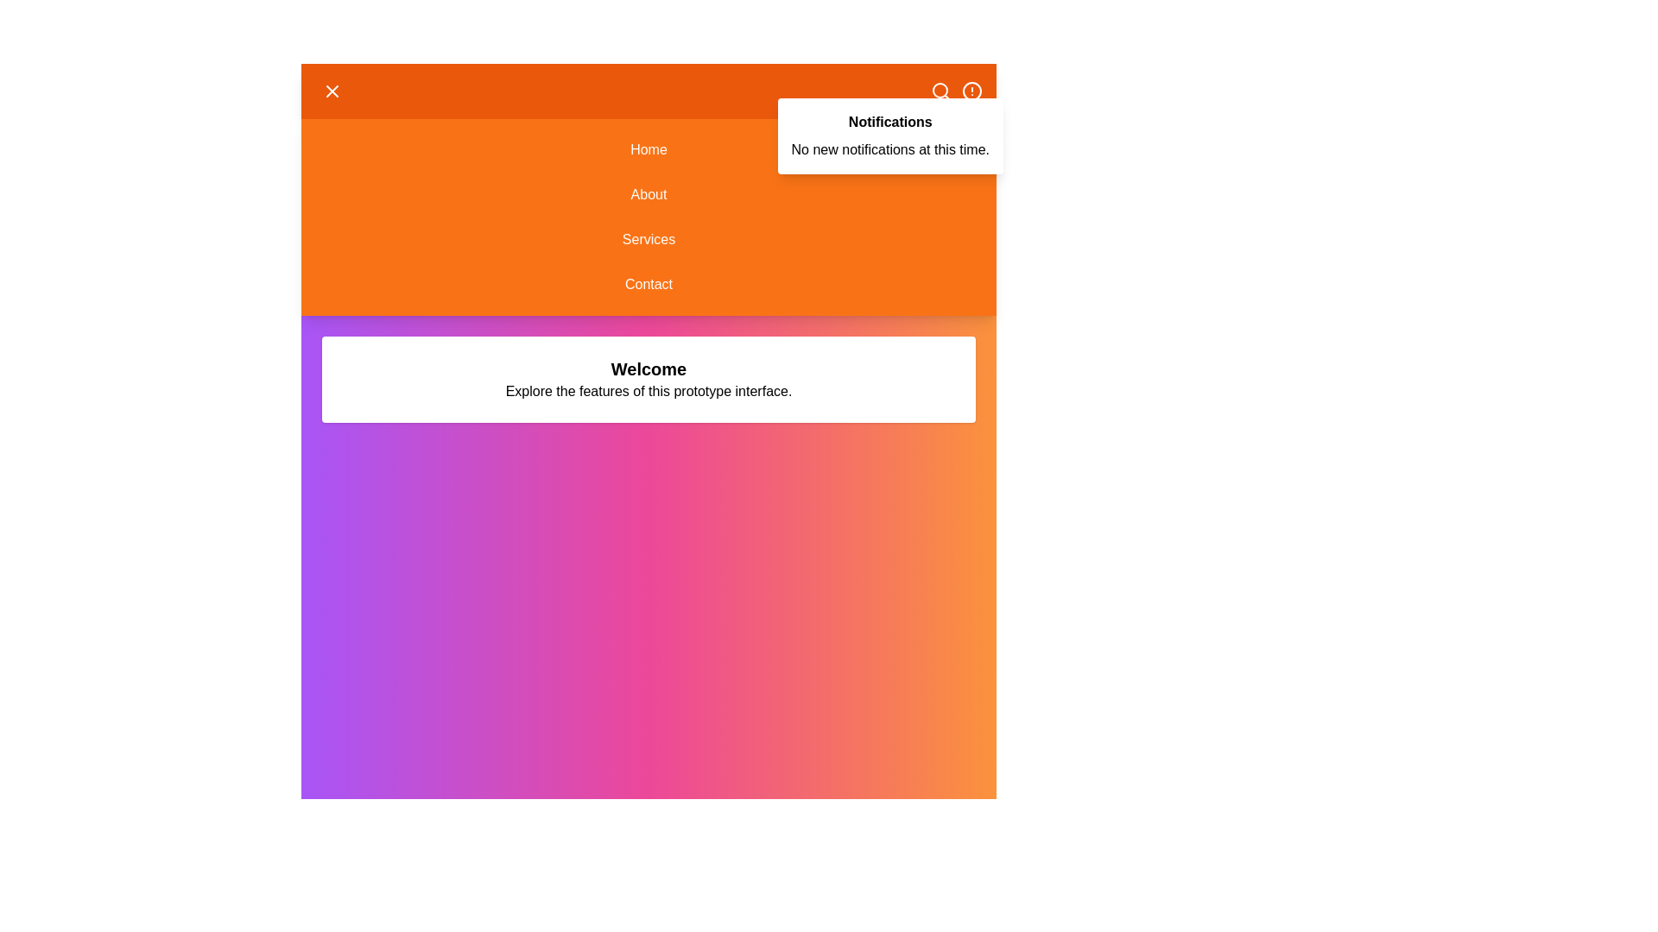 This screenshot has width=1658, height=932. I want to click on the Contact menu option, so click(648, 284).